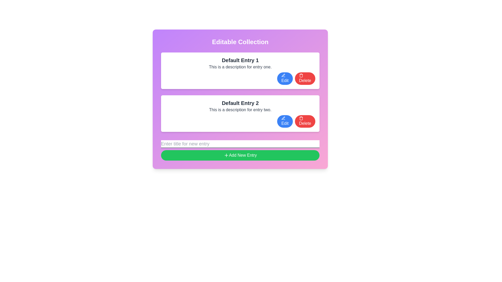  Describe the element at coordinates (305, 121) in the screenshot. I see `the second button in the horizontal button group at the bottom-right corner of the content card labeled 'Default Entry 2'` at that location.